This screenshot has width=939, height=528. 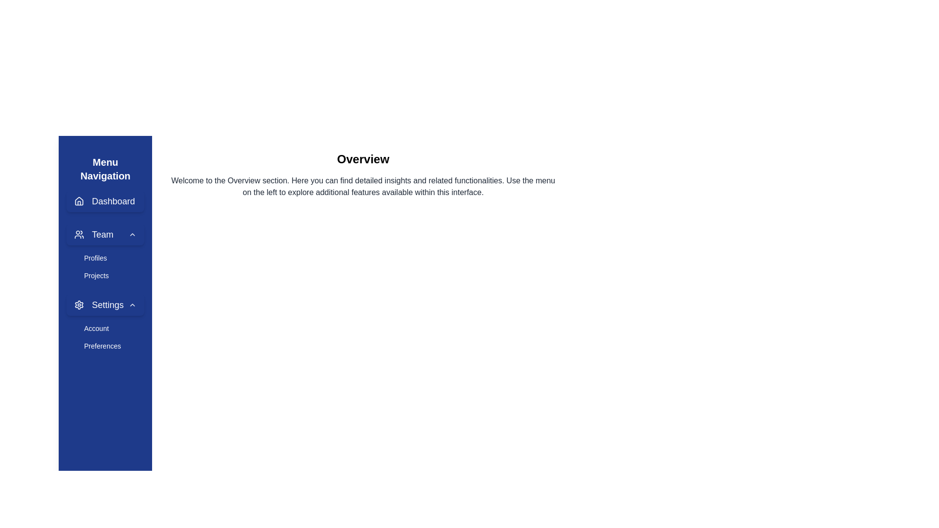 I want to click on the 'Team' text label in the vertical navigation menu, so click(x=110, y=234).